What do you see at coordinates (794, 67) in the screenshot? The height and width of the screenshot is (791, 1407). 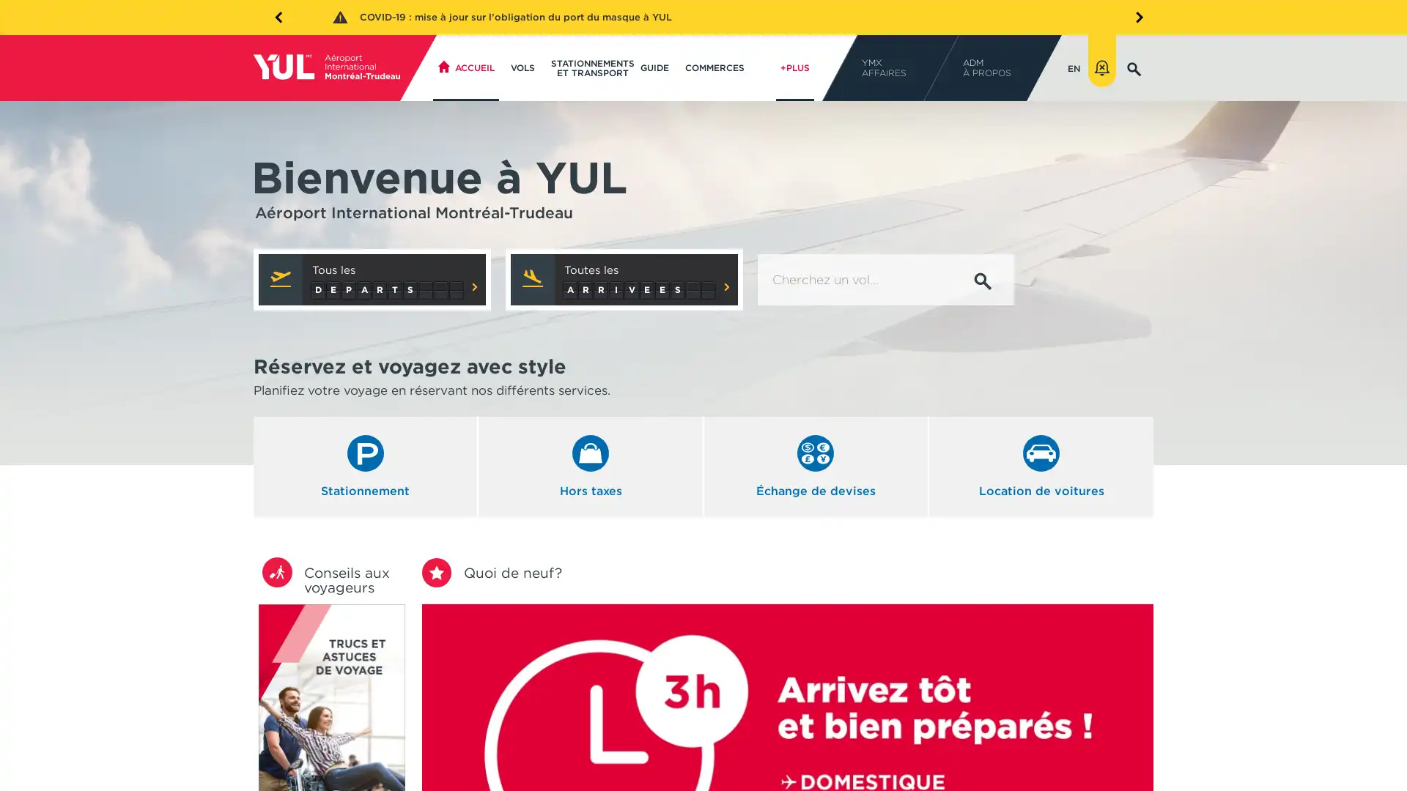 I see `+PLUS` at bounding box center [794, 67].